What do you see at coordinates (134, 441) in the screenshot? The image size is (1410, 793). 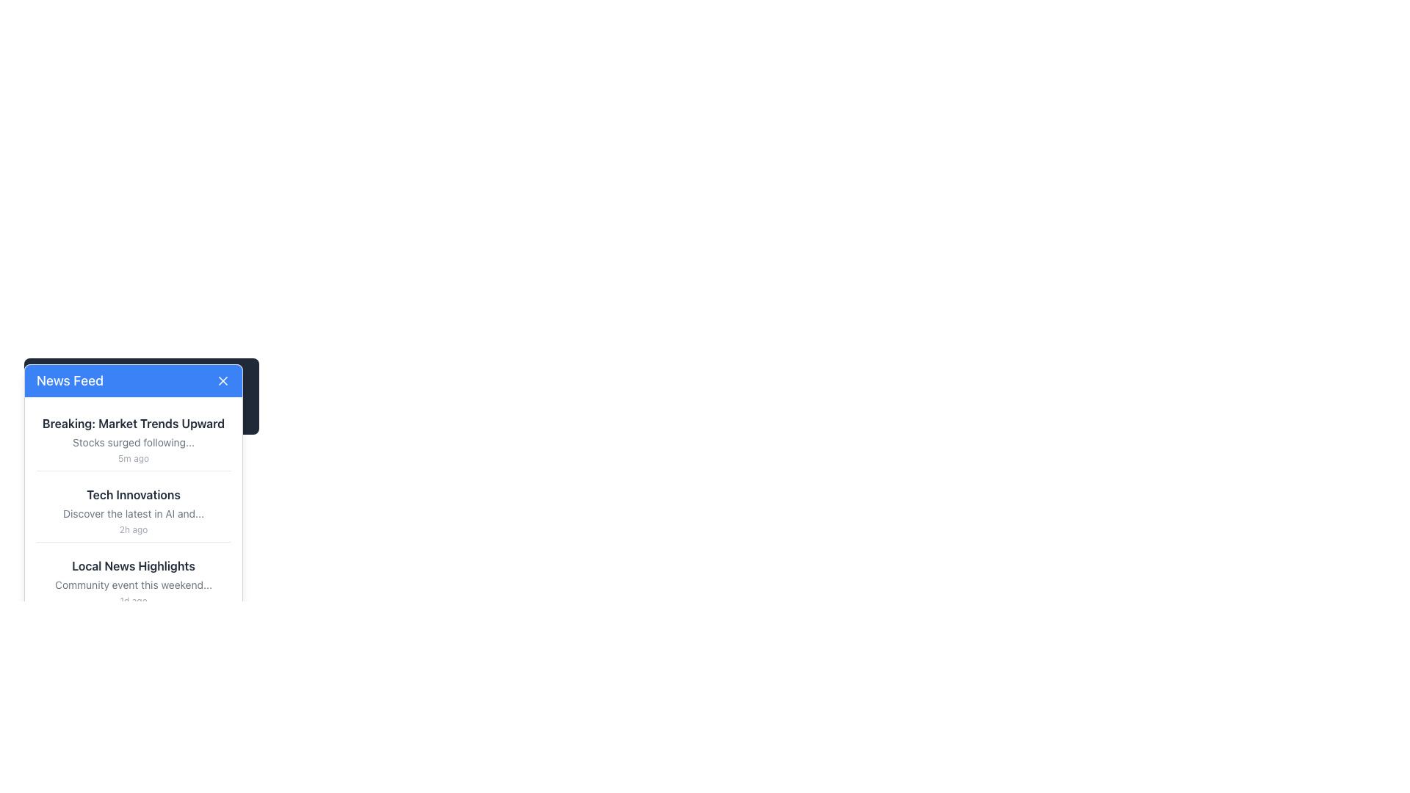 I see `line of text styled with a smaller font and muted gray color that reads 'Stocks surged following...', located below the title 'Breaking: Market Trends Upward' and above the timestamp '5m ago'` at bounding box center [134, 441].